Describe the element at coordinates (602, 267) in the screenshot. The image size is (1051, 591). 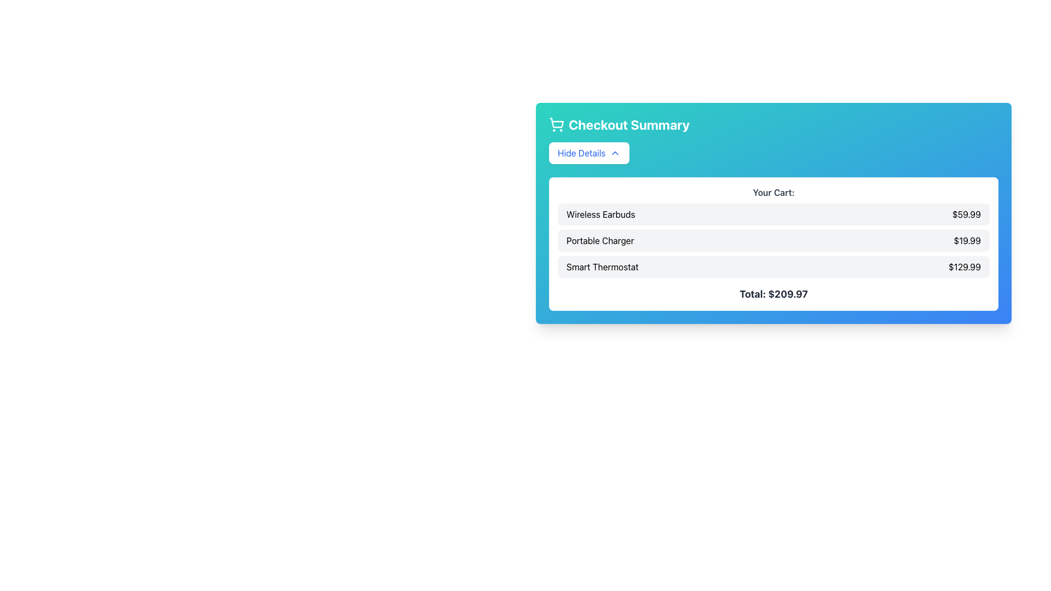
I see `the 'Smart Thermostat' text label located in the 'Checkout Summary' section under the 'Your Cart' column, which is styled in black text on a light gray background and positioned as the third item in the list` at that location.